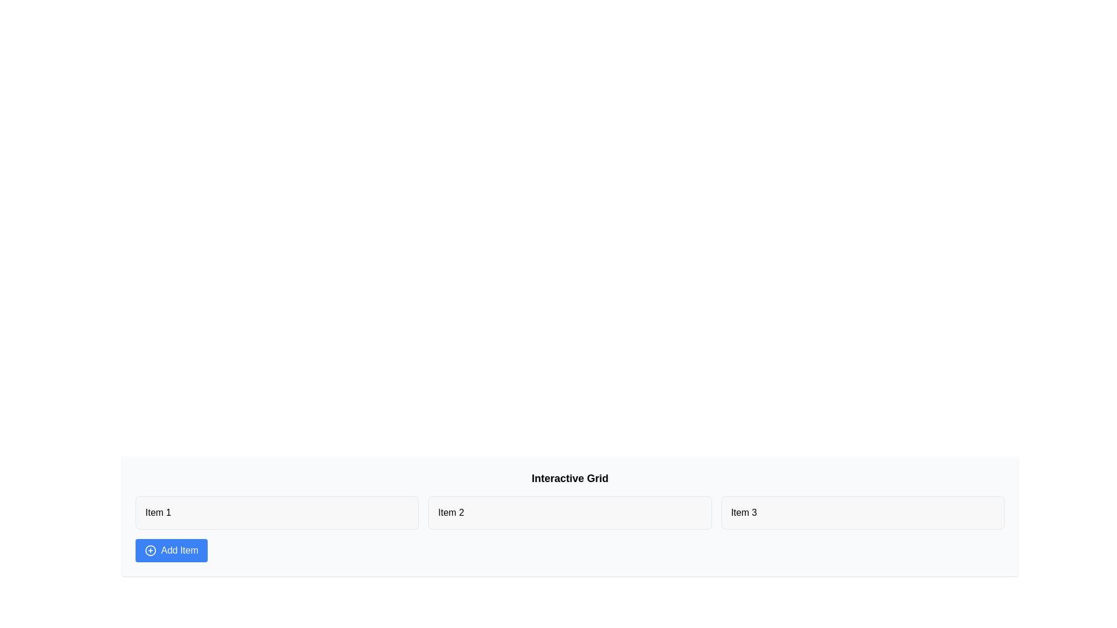 This screenshot has width=1117, height=628. I want to click on the text of Item 3 and copy it to the clipboard, so click(863, 512).